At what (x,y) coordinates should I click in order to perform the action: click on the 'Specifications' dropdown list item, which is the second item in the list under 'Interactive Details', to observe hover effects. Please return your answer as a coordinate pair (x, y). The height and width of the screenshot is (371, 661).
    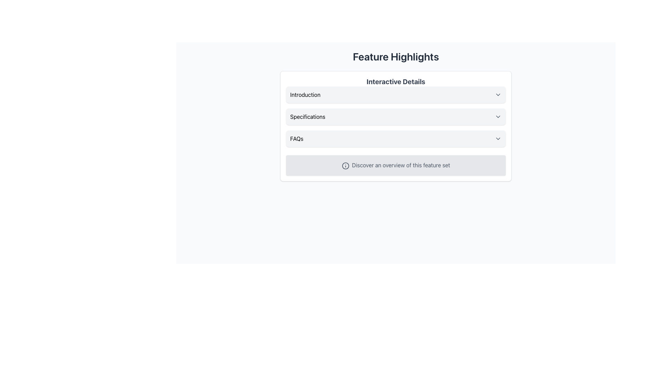
    Looking at the image, I should click on (396, 116).